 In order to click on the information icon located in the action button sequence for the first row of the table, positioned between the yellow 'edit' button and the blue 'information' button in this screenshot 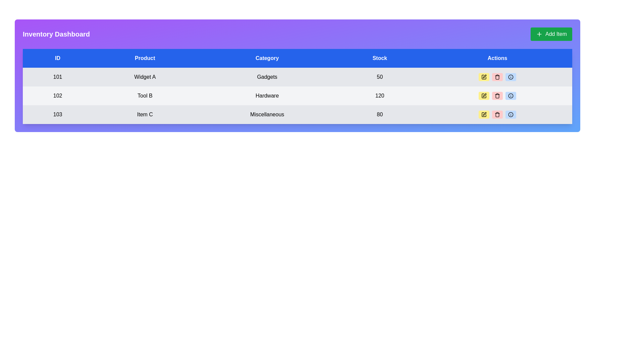, I will do `click(497, 77)`.